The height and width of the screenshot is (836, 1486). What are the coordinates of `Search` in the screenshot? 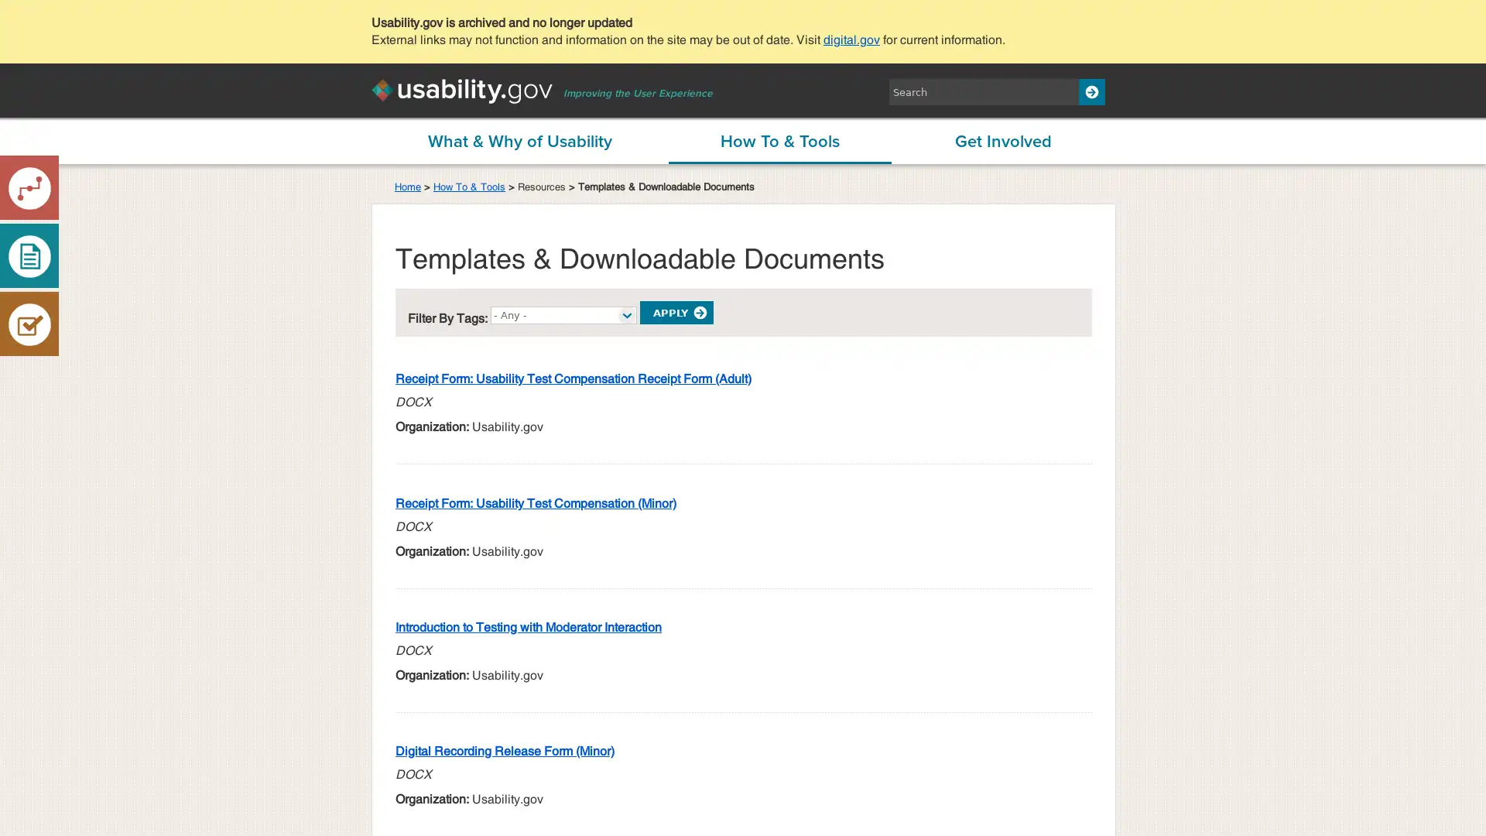 It's located at (1091, 92).